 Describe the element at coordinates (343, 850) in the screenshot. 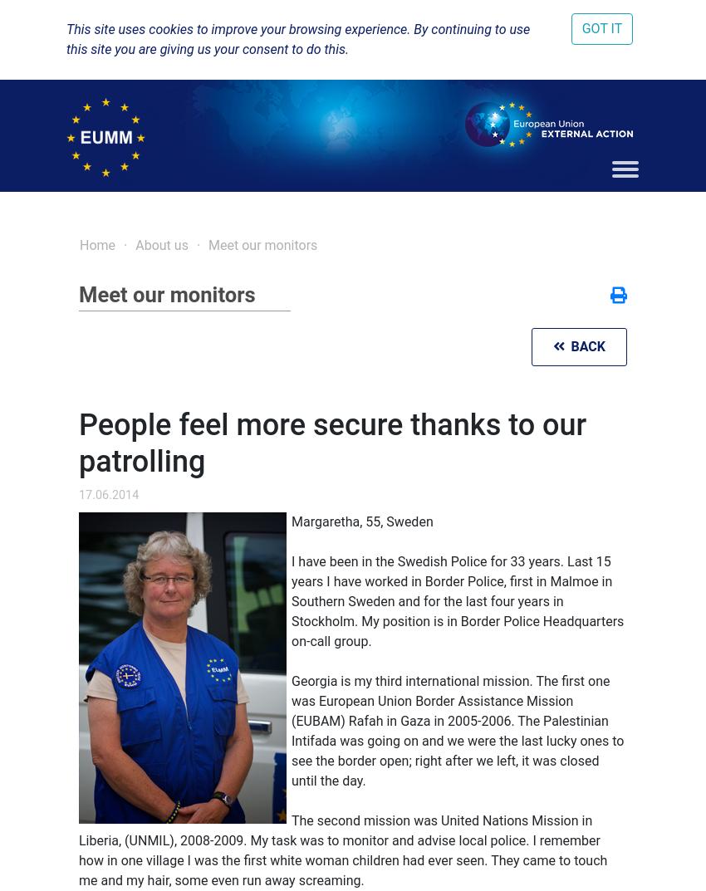

I see `'The second mission was United Nations Mission in Liberia, (UNMIL), 
2008-2009. My task was to monitor and advise local police. I remember 
how in one village I was the first white woman children had ever seen. 
They came to touch me and my hair, some even run away screaming.'` at that location.